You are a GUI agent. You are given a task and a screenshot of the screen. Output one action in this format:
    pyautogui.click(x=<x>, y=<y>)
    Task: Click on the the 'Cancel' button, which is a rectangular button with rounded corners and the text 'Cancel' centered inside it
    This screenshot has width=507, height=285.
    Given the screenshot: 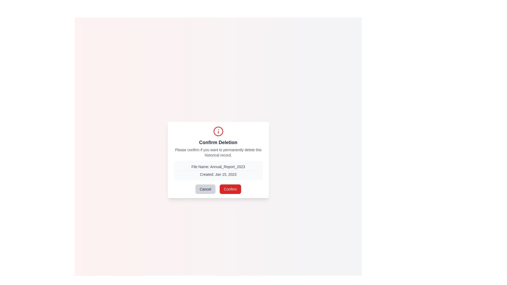 What is the action you would take?
    pyautogui.click(x=205, y=189)
    